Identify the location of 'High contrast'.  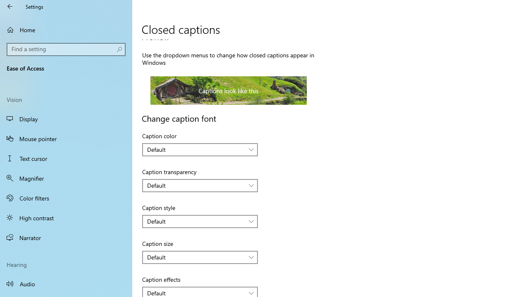
(66, 217).